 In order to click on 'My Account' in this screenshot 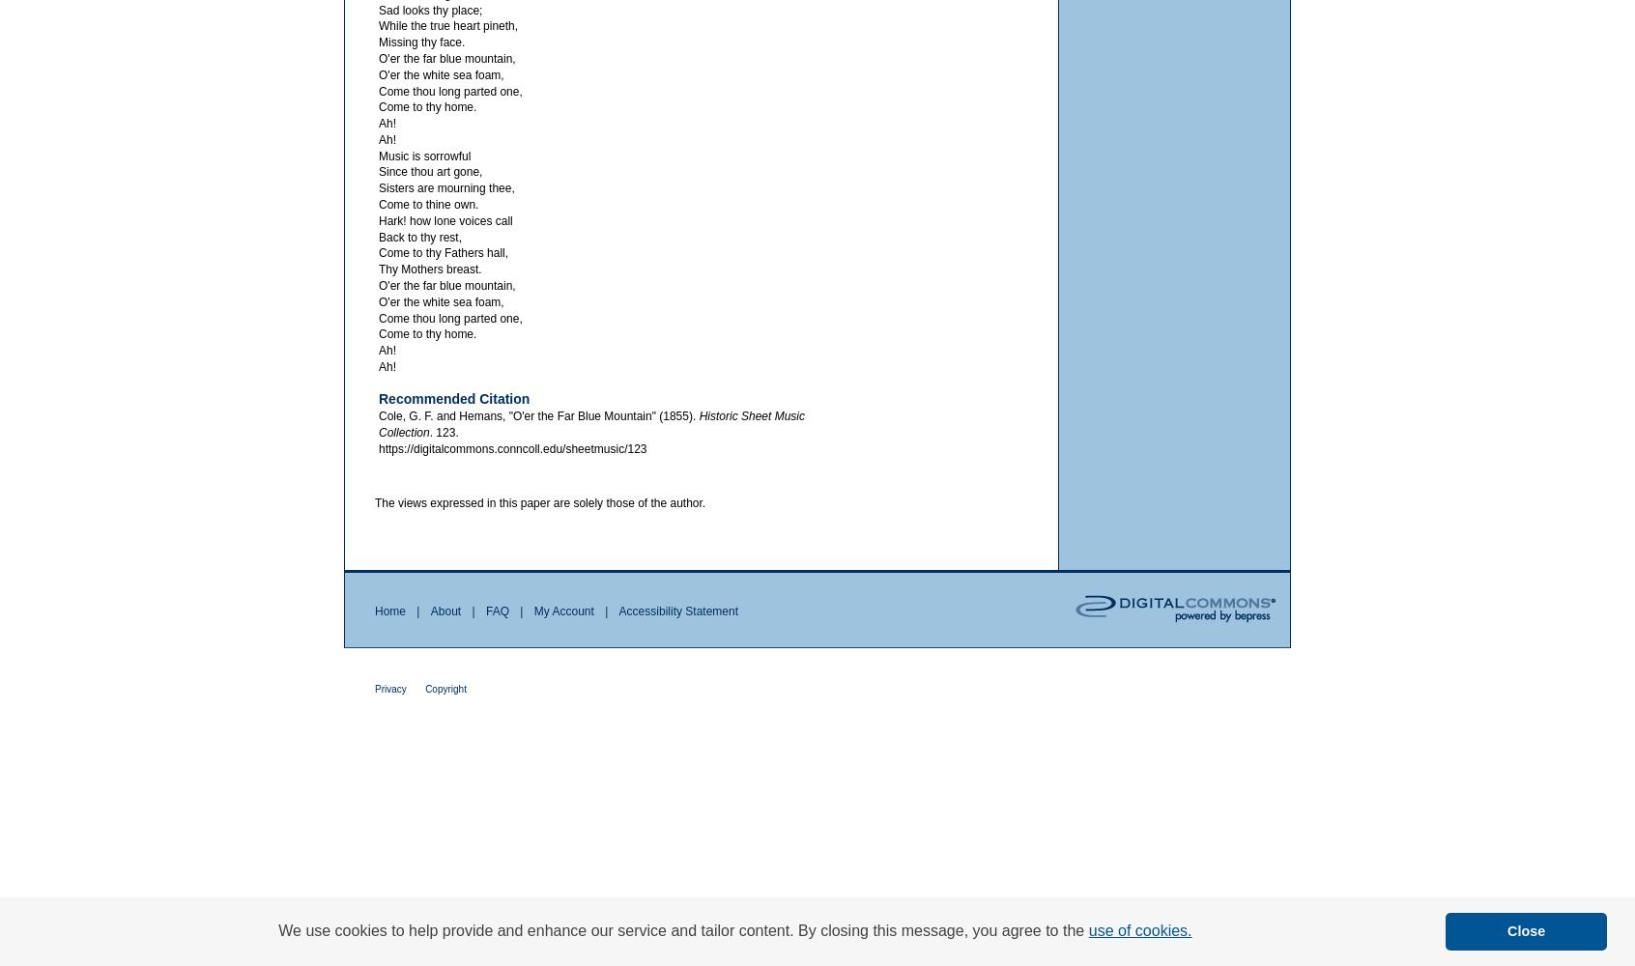, I will do `click(532, 611)`.